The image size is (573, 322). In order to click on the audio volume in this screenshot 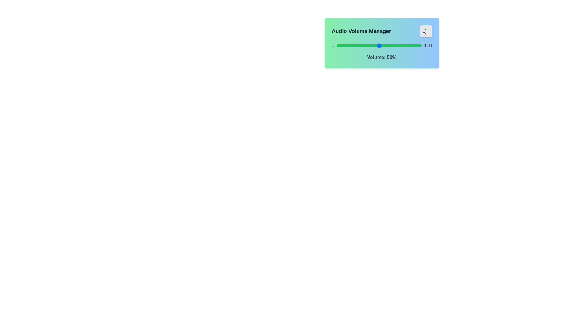, I will do `click(350, 45)`.